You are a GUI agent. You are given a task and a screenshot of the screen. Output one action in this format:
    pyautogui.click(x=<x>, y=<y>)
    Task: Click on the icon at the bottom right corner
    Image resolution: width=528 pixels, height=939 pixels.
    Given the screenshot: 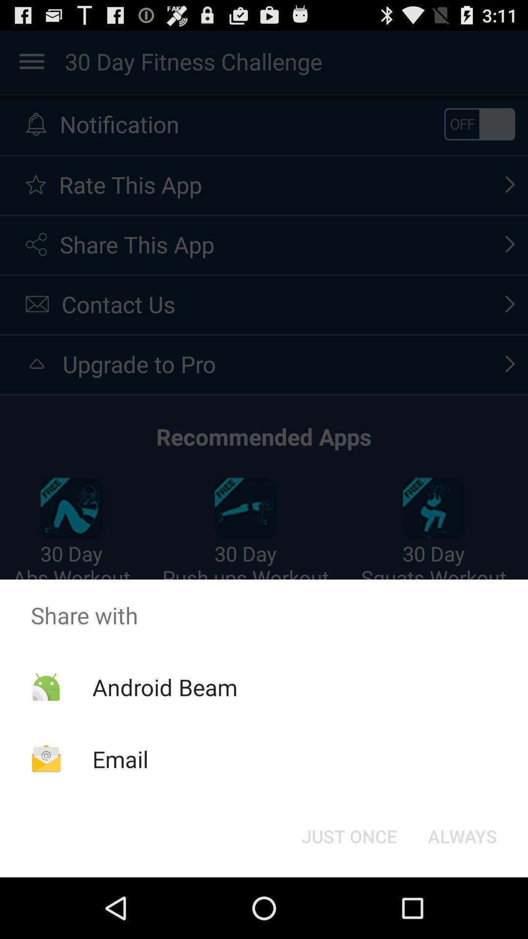 What is the action you would take?
    pyautogui.click(x=462, y=835)
    